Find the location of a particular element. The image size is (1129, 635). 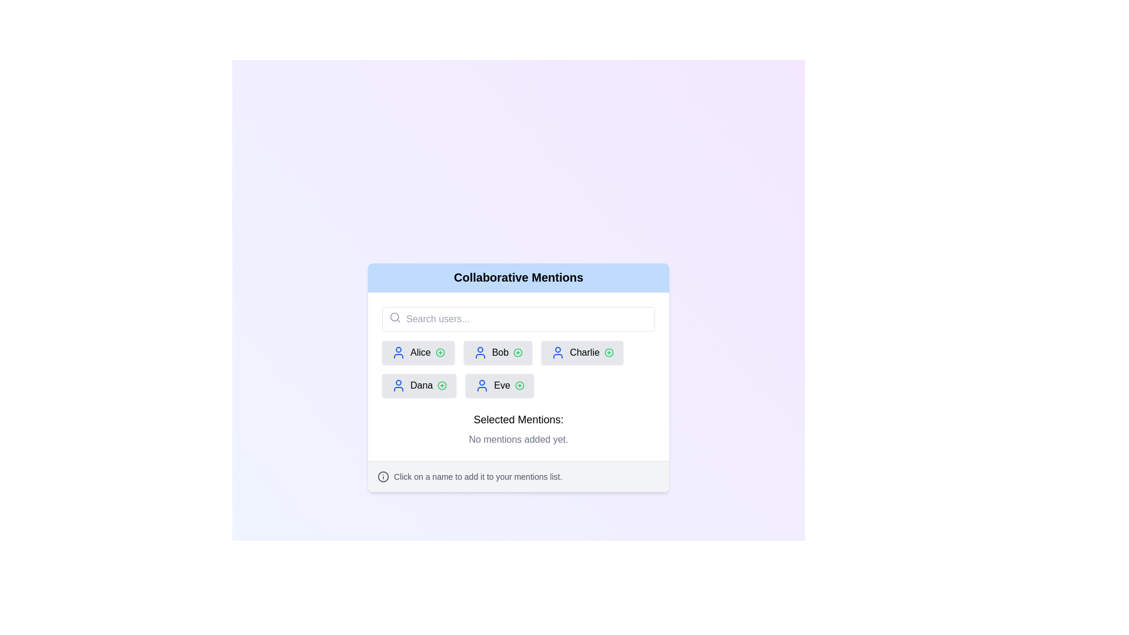

the user card for 'Dana' is located at coordinates (419, 385).